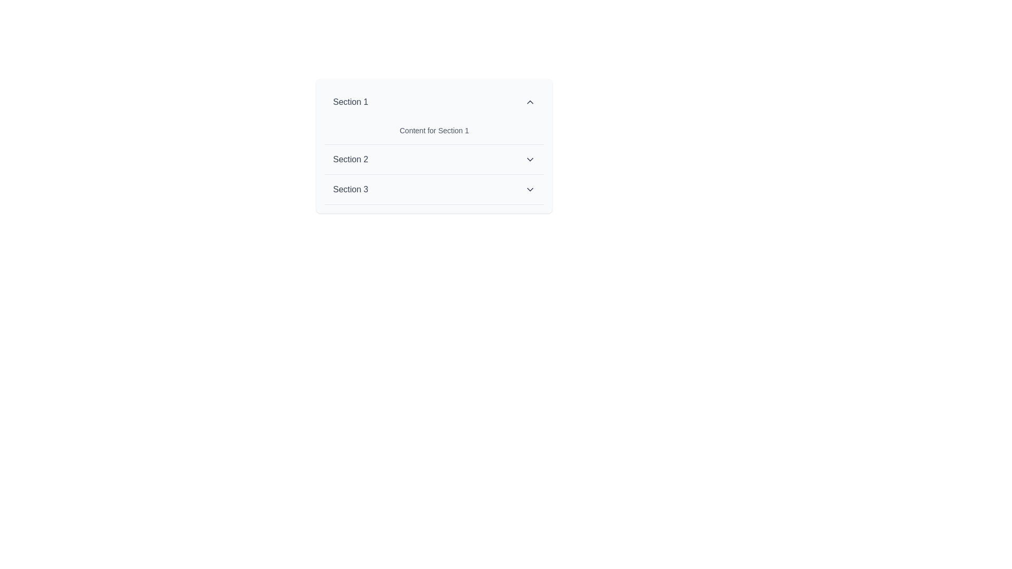 The image size is (1012, 569). Describe the element at coordinates (434, 190) in the screenshot. I see `the 'Section 3' menu item in the dropdown` at that location.